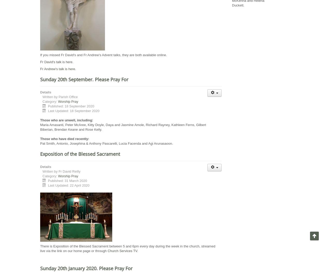  I want to click on 'Church Services TV', so click(122, 251).